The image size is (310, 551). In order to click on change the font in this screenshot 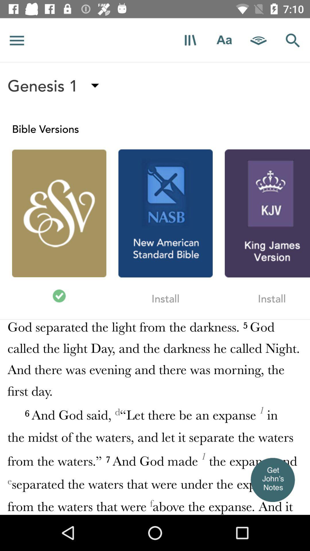, I will do `click(224, 40)`.